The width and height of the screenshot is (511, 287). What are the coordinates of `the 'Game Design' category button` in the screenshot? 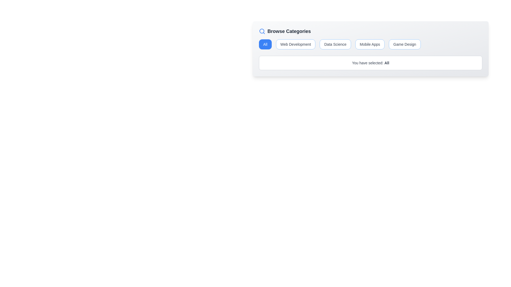 It's located at (405, 44).